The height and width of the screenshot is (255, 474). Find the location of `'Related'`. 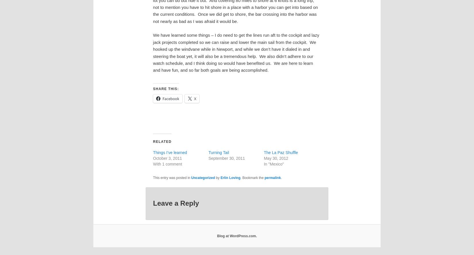

'Related' is located at coordinates (152, 141).